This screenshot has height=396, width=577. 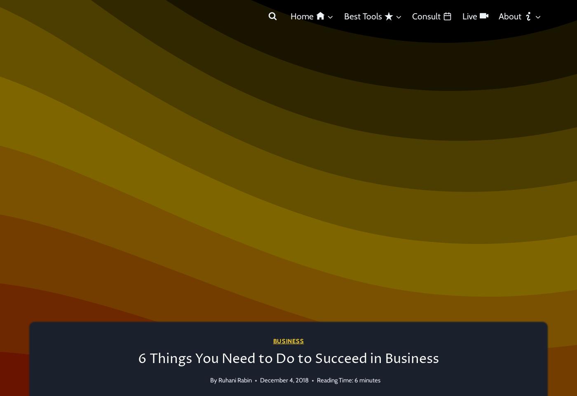 I want to click on 'Ruhani Rabin', so click(x=235, y=380).